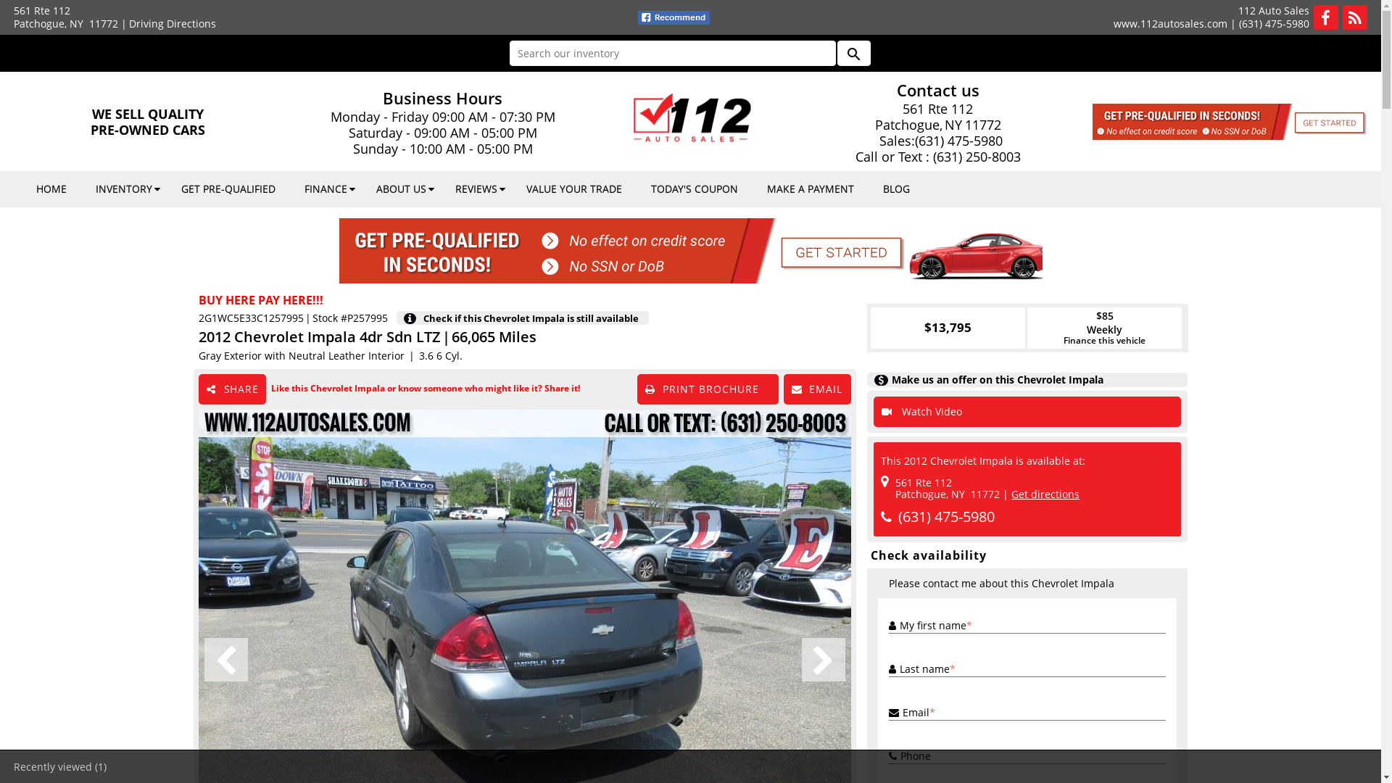 The width and height of the screenshot is (1392, 783). Describe the element at coordinates (836, 52) in the screenshot. I see `'search'` at that location.